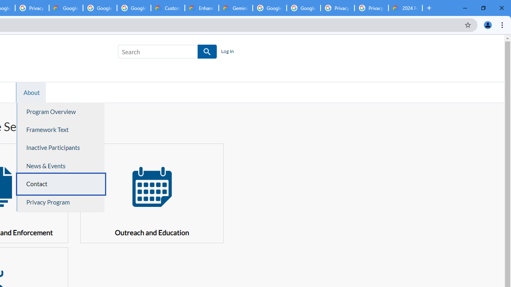 This screenshot has height=287, width=511. Describe the element at coordinates (167, 53) in the screenshot. I see `'Search SEARCH'` at that location.